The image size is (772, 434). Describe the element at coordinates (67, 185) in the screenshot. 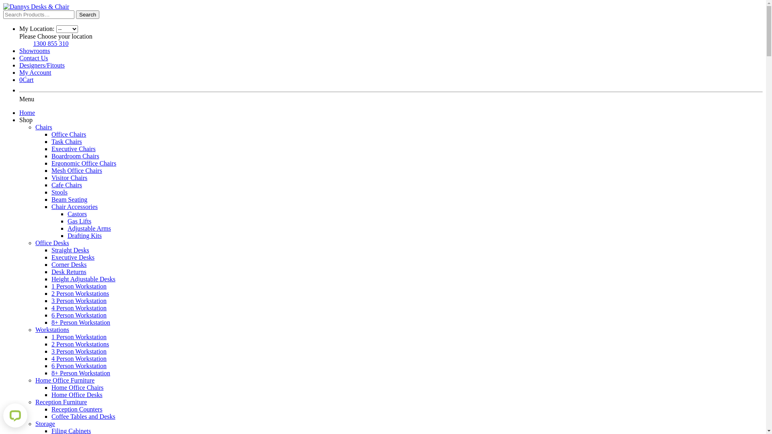

I see `'Cafe Chairs'` at that location.